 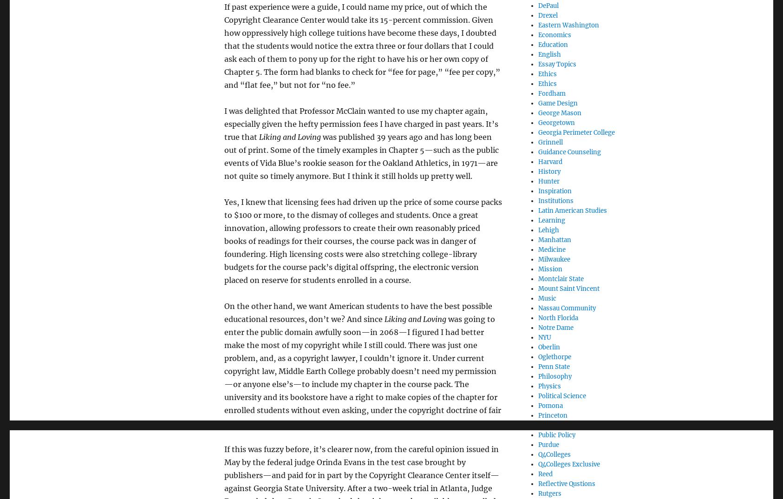 I want to click on 'Lehigh', so click(x=548, y=230).